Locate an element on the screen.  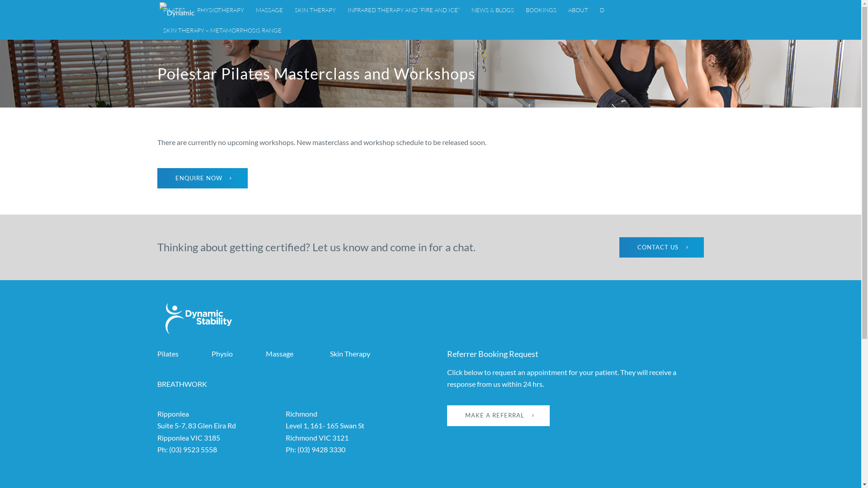
'BOOKINGS' is located at coordinates (520, 10).